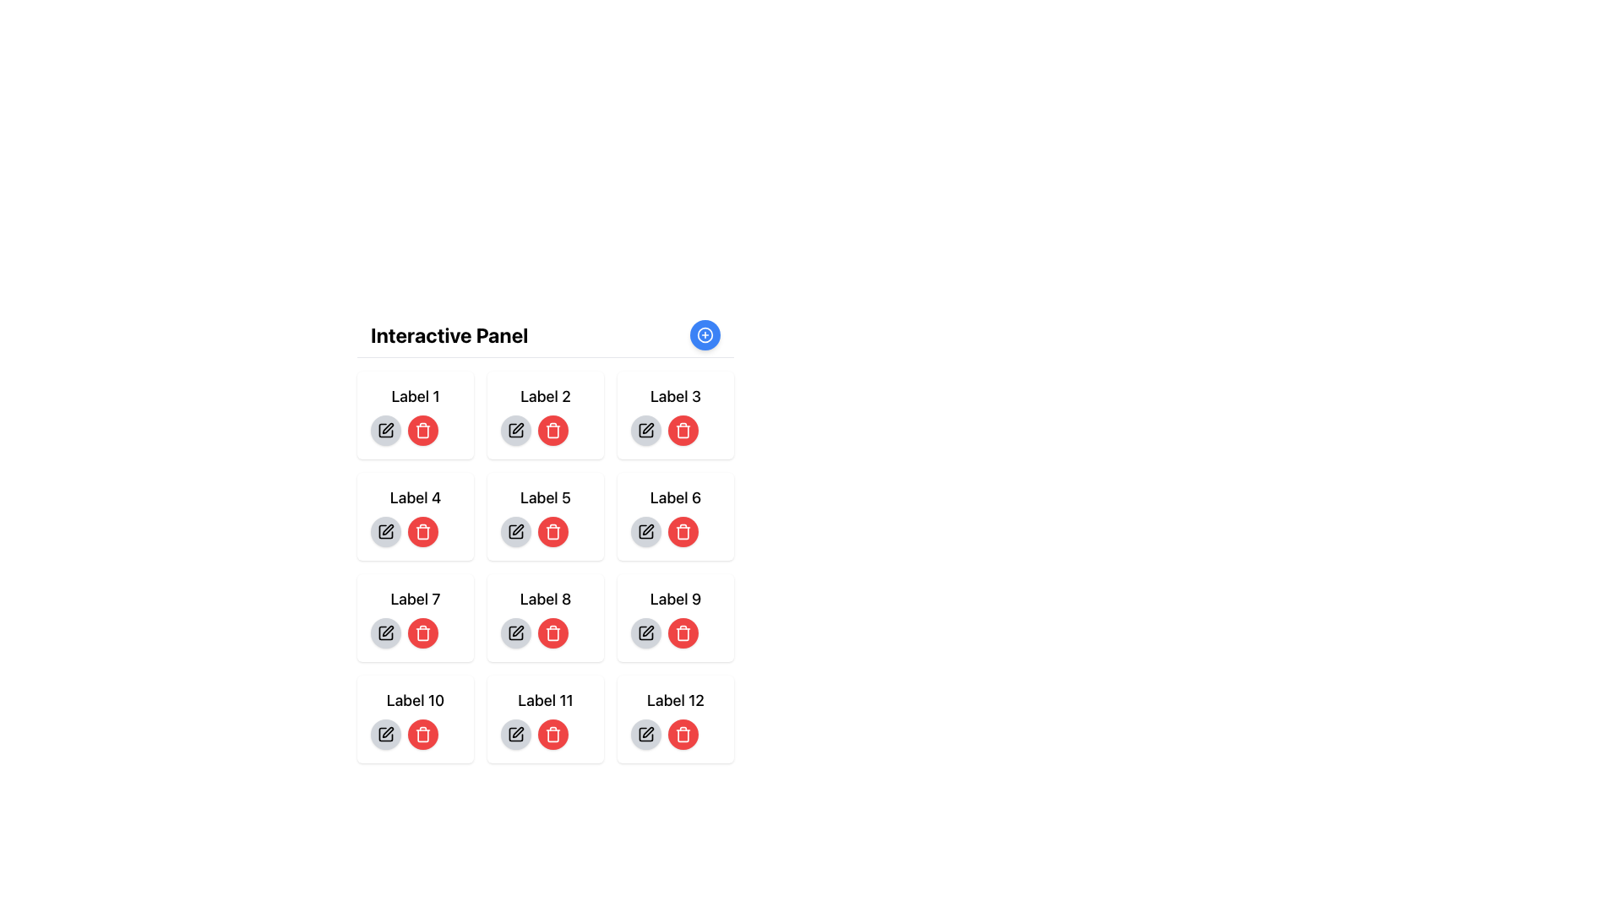 Image resolution: width=1622 pixels, height=912 pixels. I want to click on the bold text label displaying 'Label 2' located in the second row, second column of the grid layout, centered within its rounded, shadowed, light-blue box, so click(546, 397).